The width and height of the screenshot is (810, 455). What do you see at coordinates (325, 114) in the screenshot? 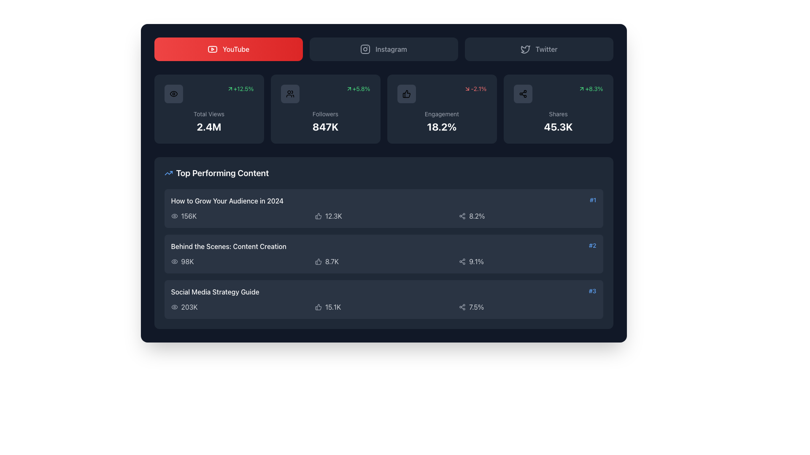
I see `the text label that reads 'Followers', which is positioned above the numeric value '847K' and below icons and percentage indicators in the card layout` at bounding box center [325, 114].